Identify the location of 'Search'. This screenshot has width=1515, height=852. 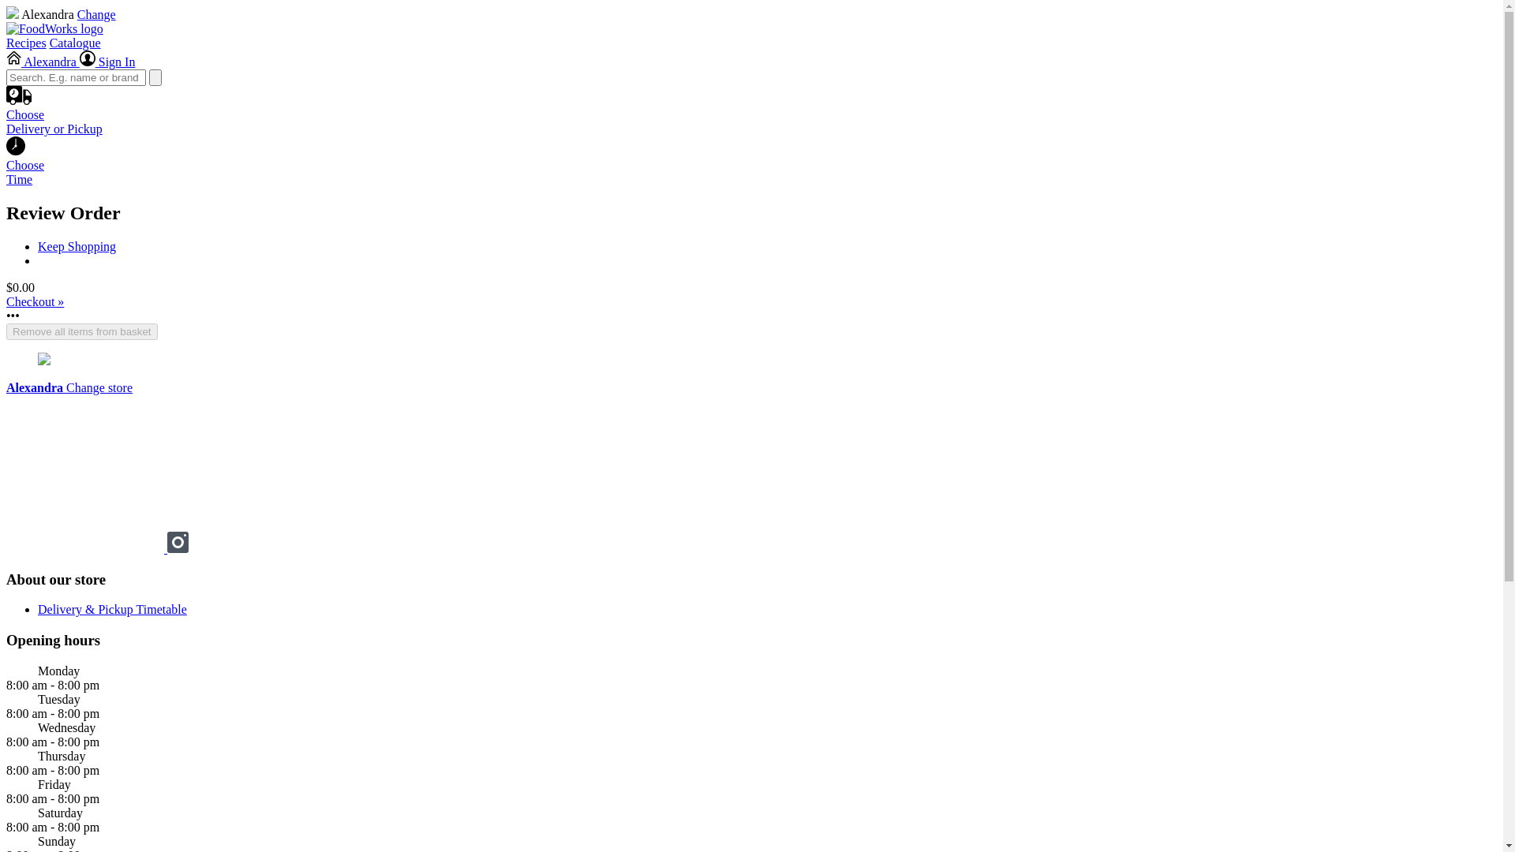
(155, 77).